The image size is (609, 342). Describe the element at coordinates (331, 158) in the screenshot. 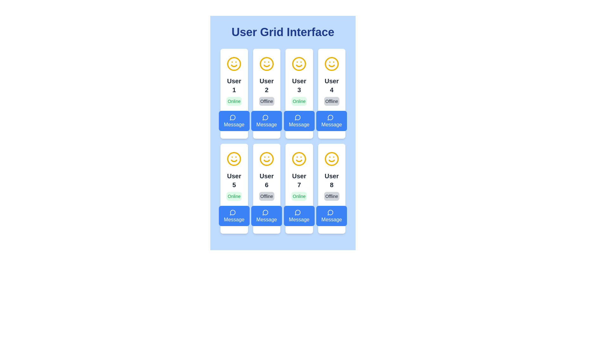

I see `the smiley face icon, which is a vibrant yellow circular icon positioned at the top-center of the user card for 'User 8', above the username and status details` at that location.